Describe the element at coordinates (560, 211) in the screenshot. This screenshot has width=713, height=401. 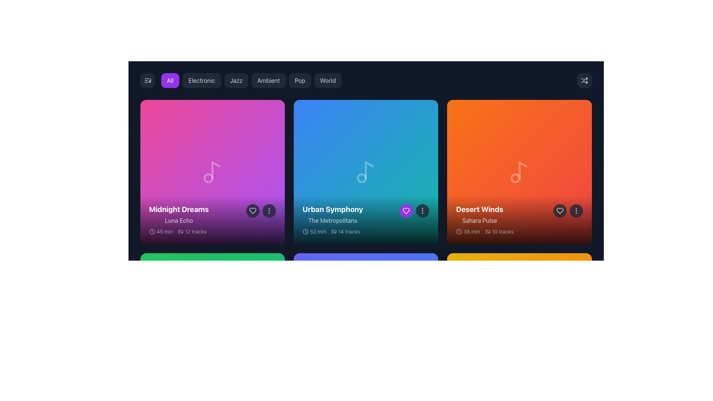
I see `the favorite heart icon located at the bottom-right corner of the orange card labeled 'Desert Winds'` at that location.